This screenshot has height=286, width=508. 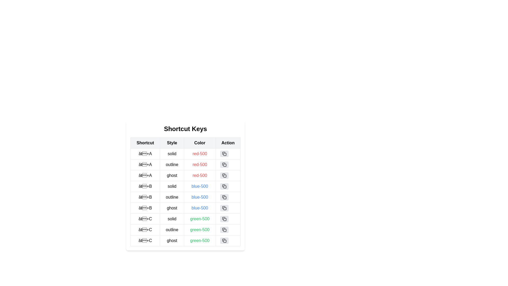 I want to click on the blue solid button in the 'Action' column corresponding to the 'Shortcut = ⌘+B' row, so click(x=228, y=186).